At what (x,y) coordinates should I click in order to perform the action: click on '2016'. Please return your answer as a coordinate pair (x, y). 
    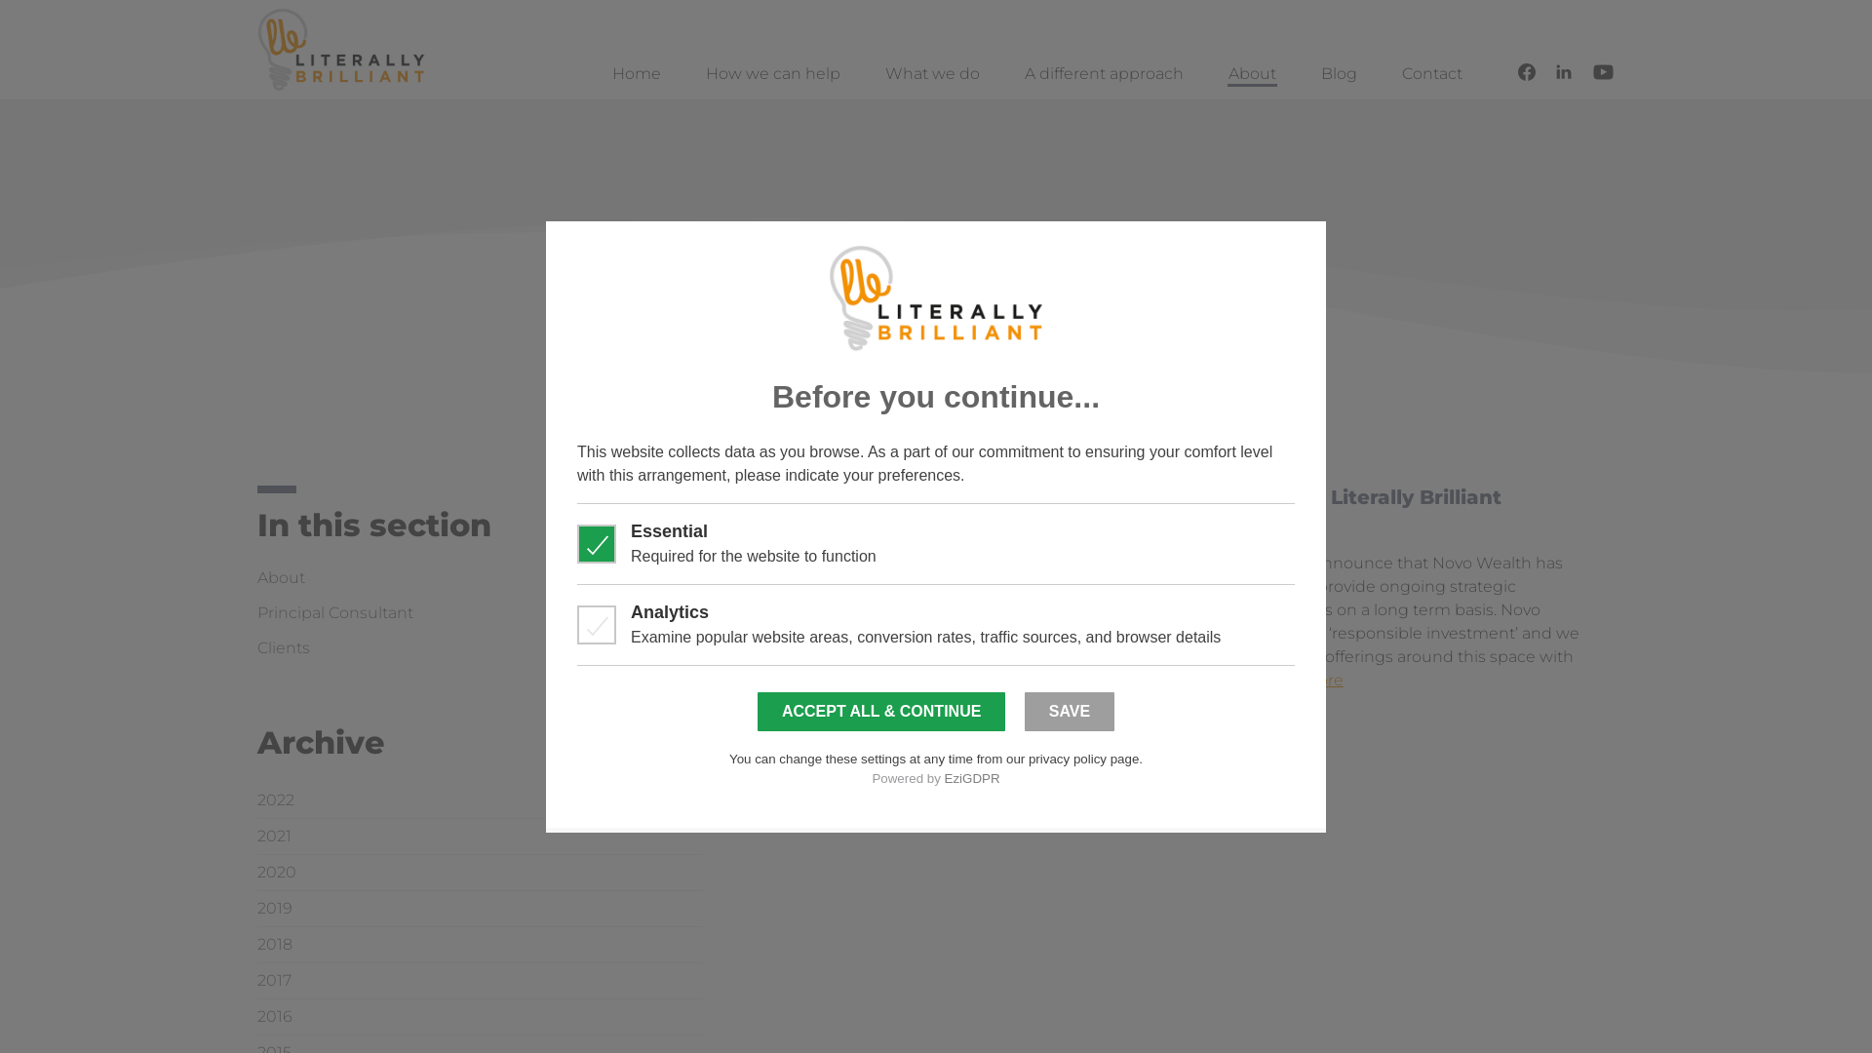
    Looking at the image, I should click on (274, 1015).